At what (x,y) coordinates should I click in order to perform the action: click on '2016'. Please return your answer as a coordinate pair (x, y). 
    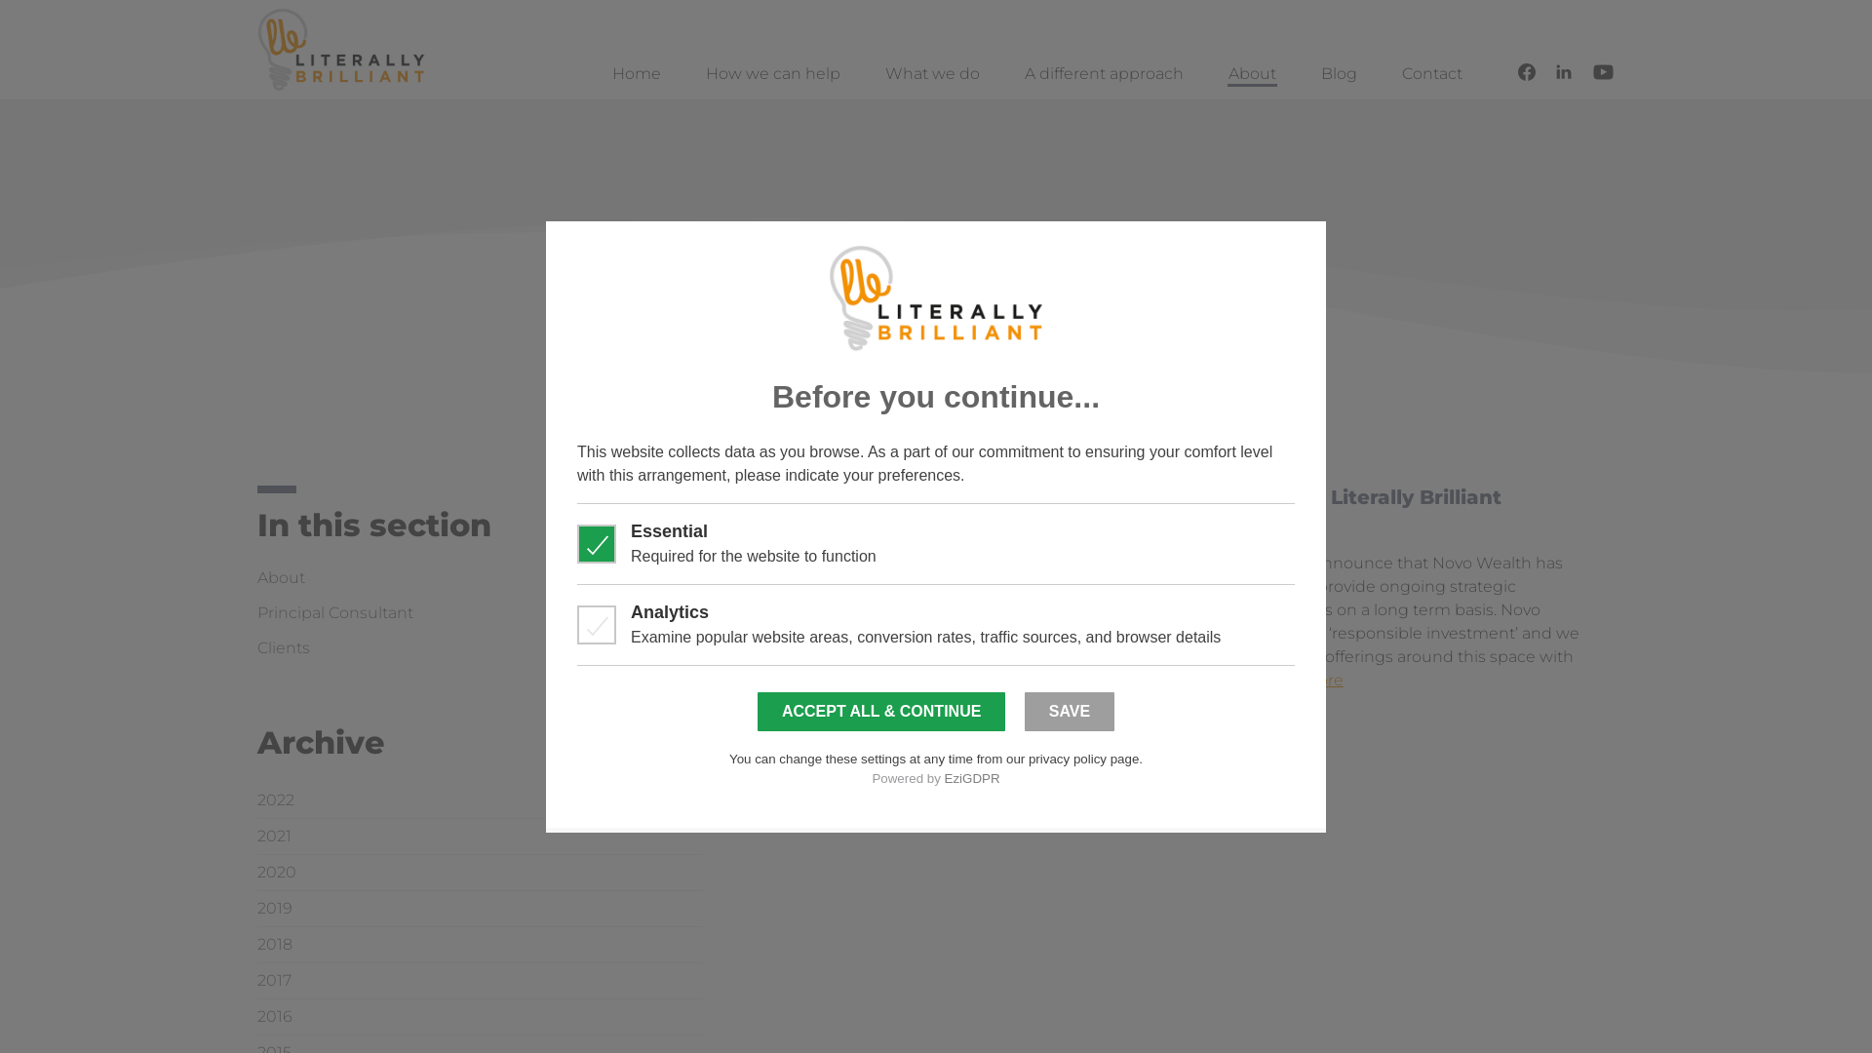
    Looking at the image, I should click on (274, 1015).